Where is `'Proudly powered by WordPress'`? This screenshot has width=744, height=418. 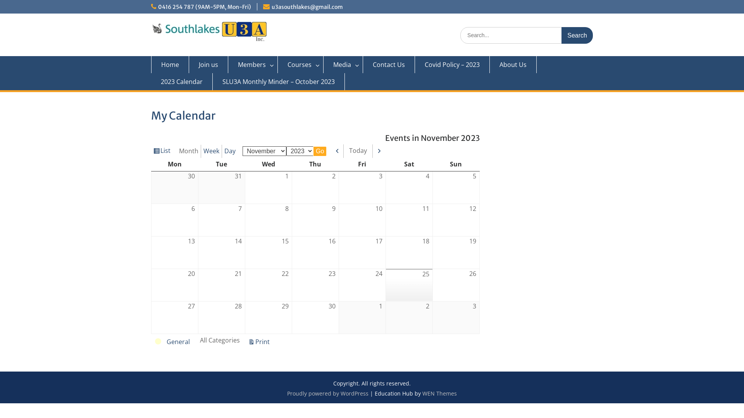
'Proudly powered by WordPress' is located at coordinates (327, 393).